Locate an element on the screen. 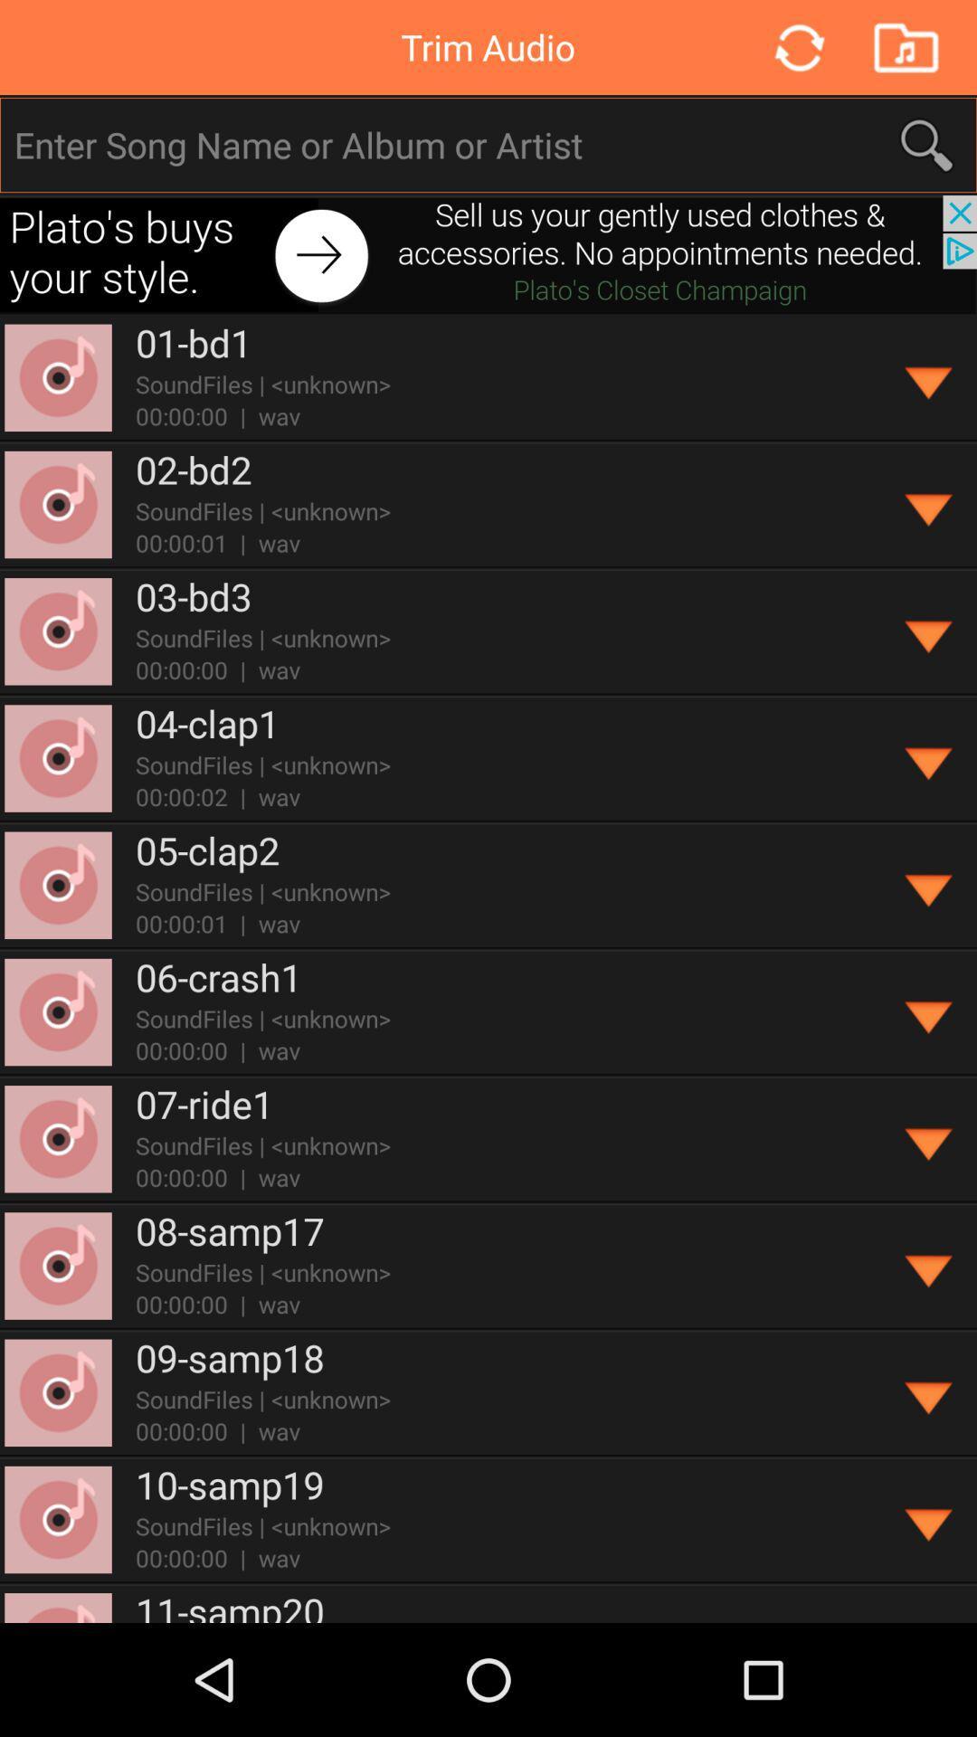  autoplay option is located at coordinates (929, 505).